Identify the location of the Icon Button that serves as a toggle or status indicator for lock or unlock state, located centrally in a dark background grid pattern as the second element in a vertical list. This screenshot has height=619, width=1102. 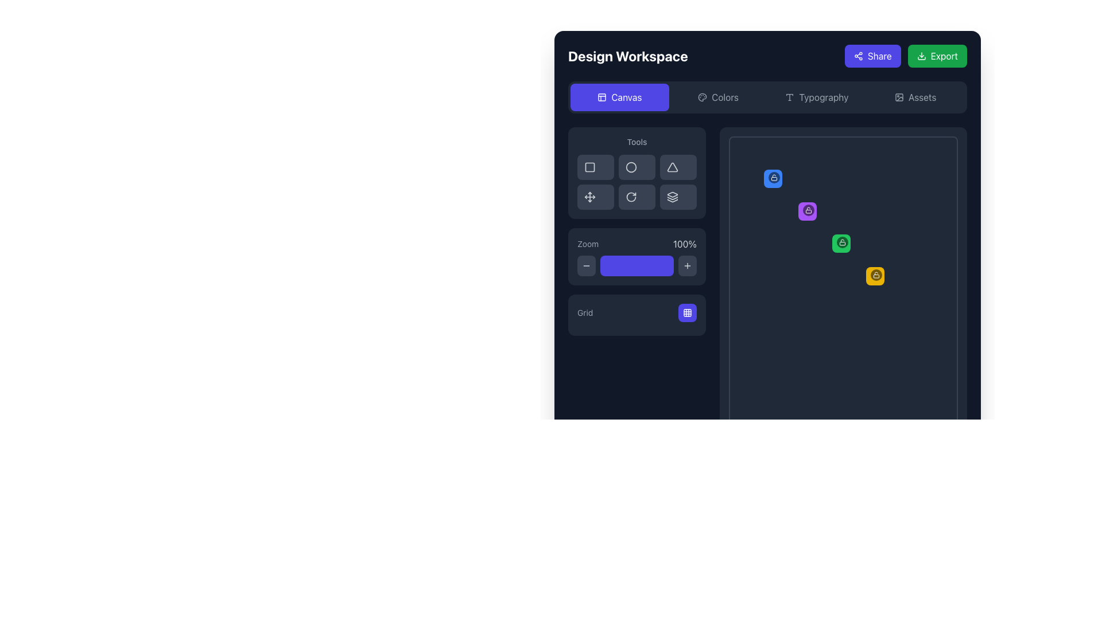
(806, 211).